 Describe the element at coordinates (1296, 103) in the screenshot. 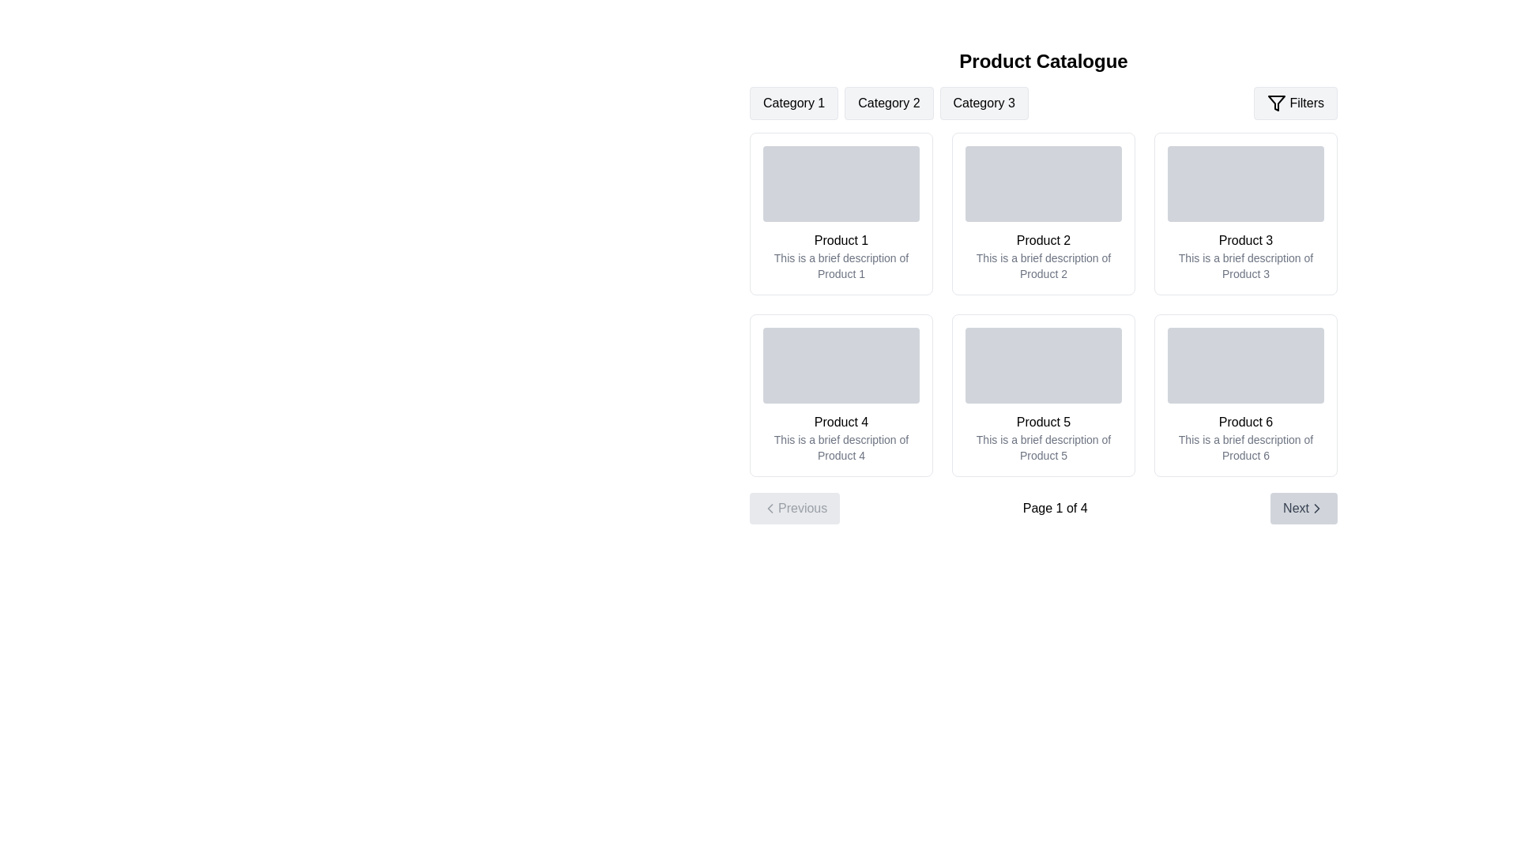

I see `the filter button located in the top-right section of the interface, to the right of 'Category 1', 'Category 2', and 'Category 3'` at that location.